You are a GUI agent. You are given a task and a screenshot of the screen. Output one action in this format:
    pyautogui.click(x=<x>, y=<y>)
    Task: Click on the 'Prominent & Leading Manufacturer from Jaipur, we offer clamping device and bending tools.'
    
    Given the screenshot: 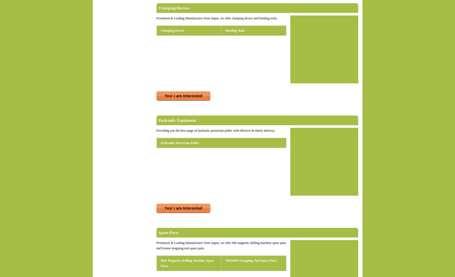 What is the action you would take?
    pyautogui.click(x=156, y=18)
    